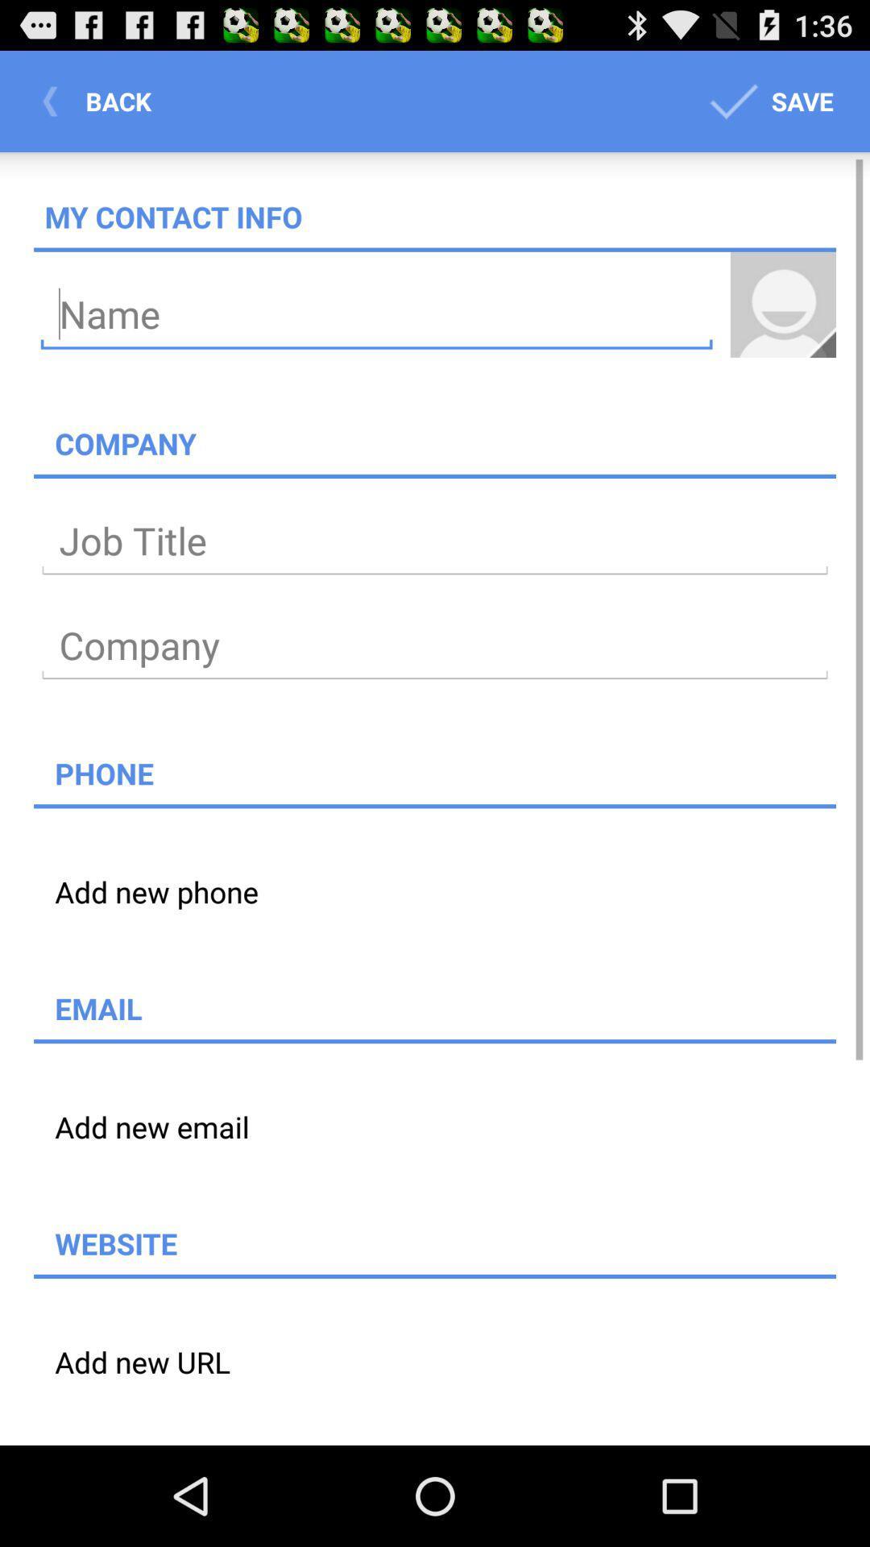  I want to click on so you can enter your company, so click(435, 645).